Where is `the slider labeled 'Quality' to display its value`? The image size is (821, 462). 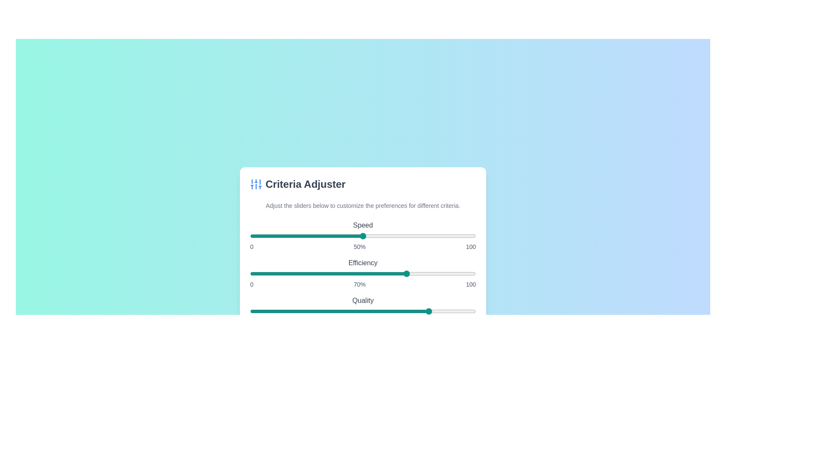
the slider labeled 'Quality' to display its value is located at coordinates (363, 311).